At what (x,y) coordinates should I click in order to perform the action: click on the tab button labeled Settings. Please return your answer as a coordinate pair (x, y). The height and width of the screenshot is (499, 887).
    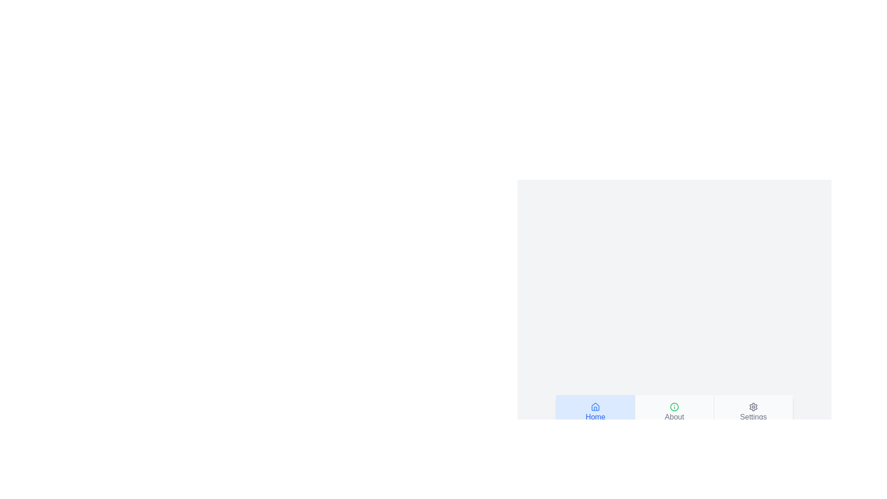
    Looking at the image, I should click on (753, 412).